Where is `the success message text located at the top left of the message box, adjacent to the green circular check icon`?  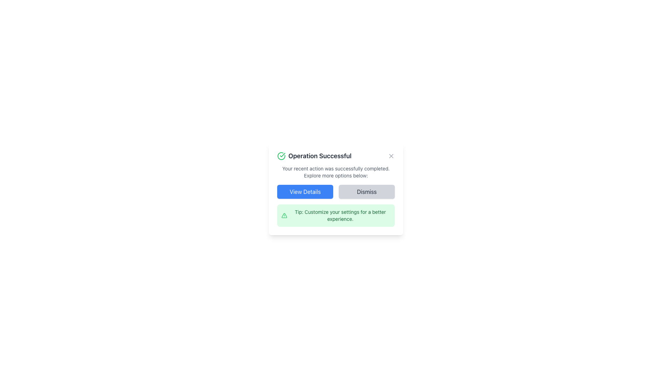
the success message text located at the top left of the message box, adjacent to the green circular check icon is located at coordinates (314, 156).